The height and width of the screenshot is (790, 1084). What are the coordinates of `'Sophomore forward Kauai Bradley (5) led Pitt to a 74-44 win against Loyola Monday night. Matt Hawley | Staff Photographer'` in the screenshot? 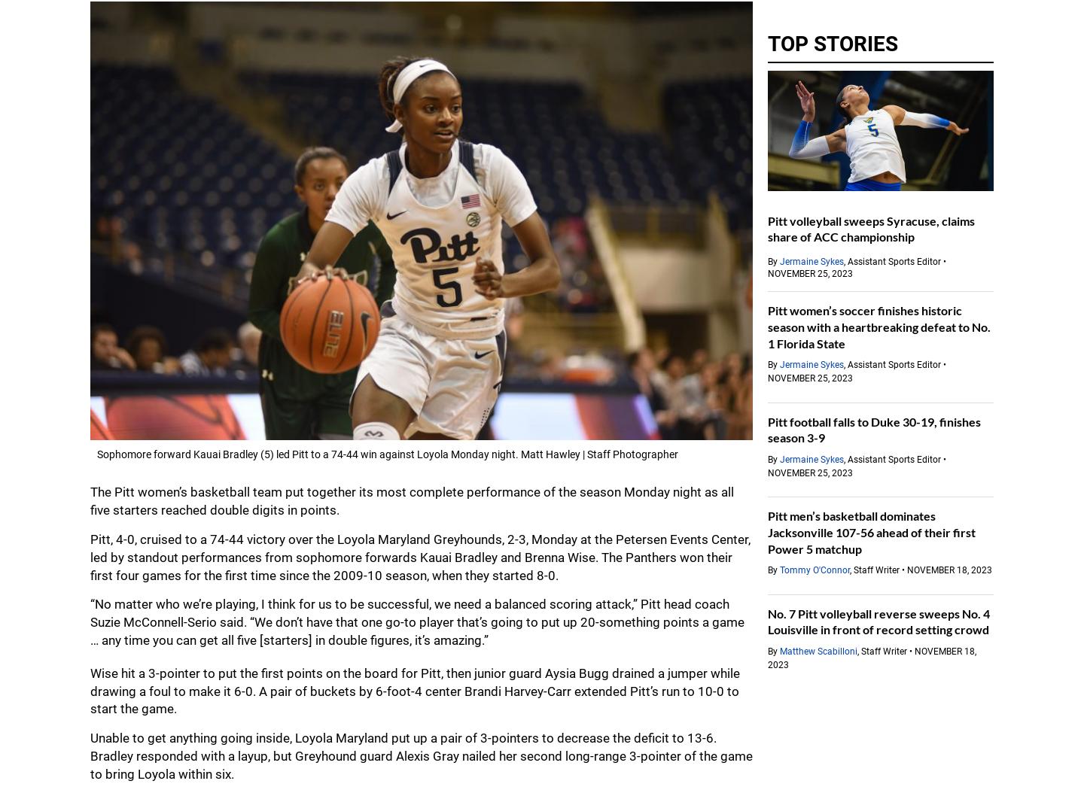 It's located at (386, 454).